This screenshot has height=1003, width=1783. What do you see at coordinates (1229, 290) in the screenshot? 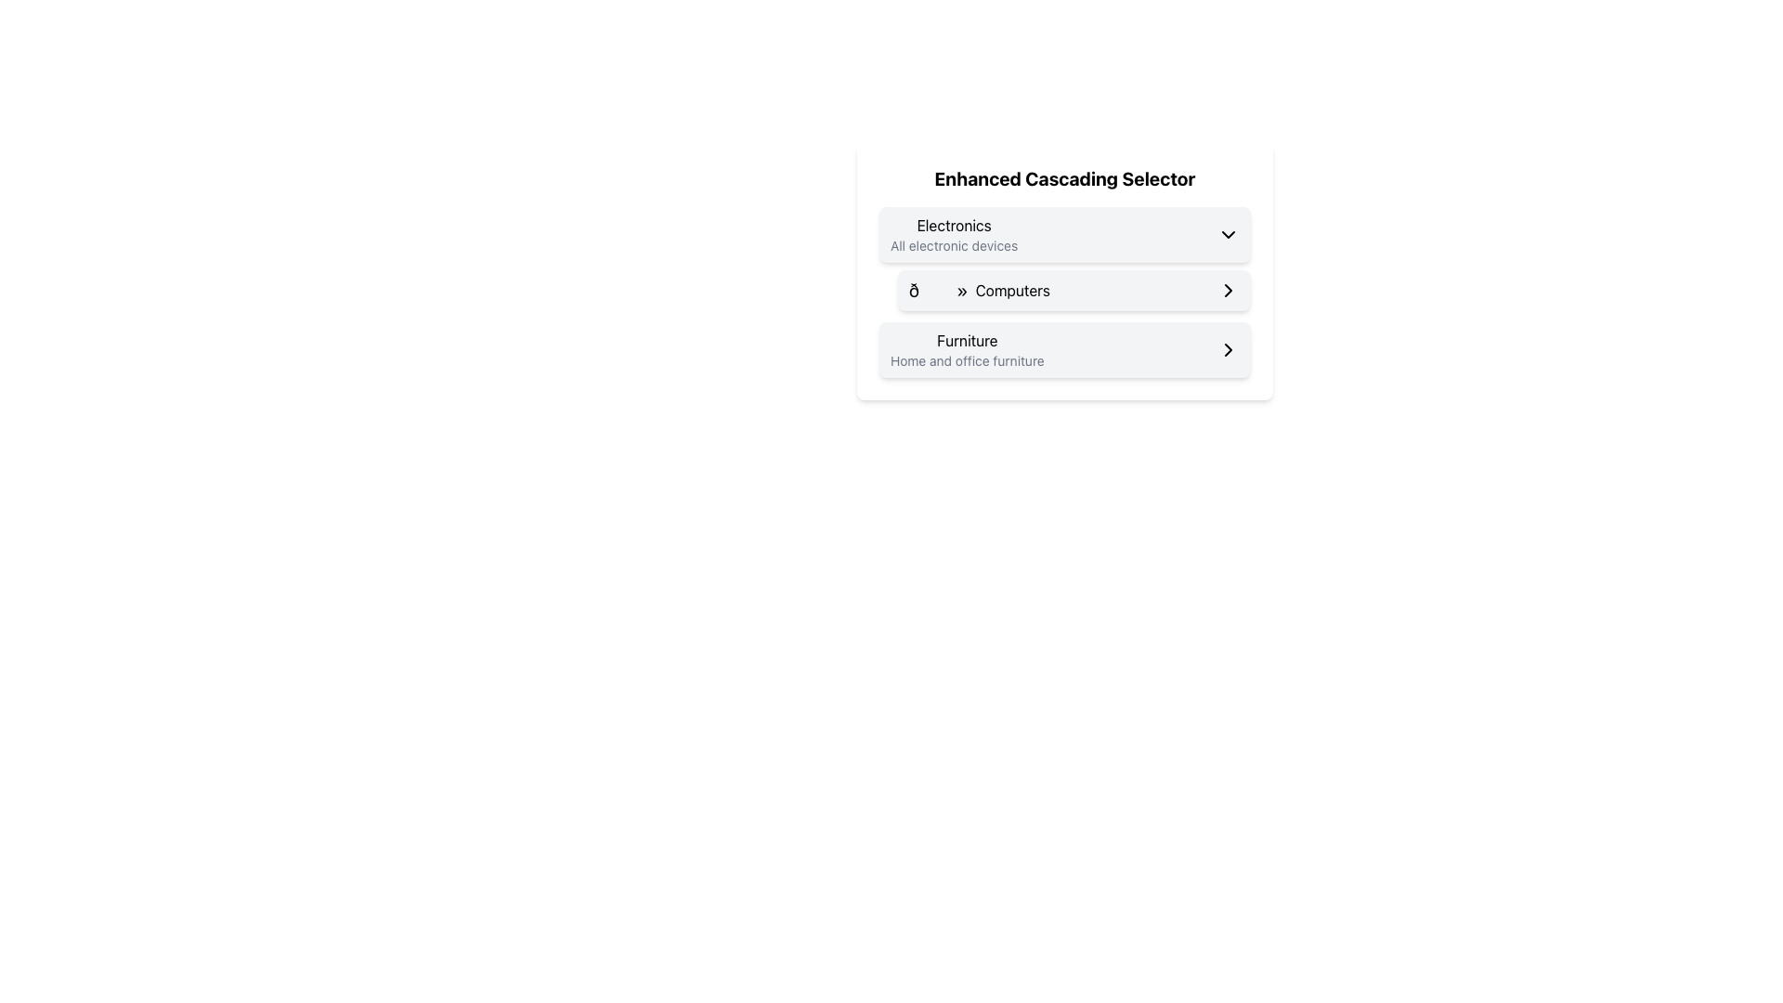
I see `the rightward chevron icon in the 'Computers' category` at bounding box center [1229, 290].